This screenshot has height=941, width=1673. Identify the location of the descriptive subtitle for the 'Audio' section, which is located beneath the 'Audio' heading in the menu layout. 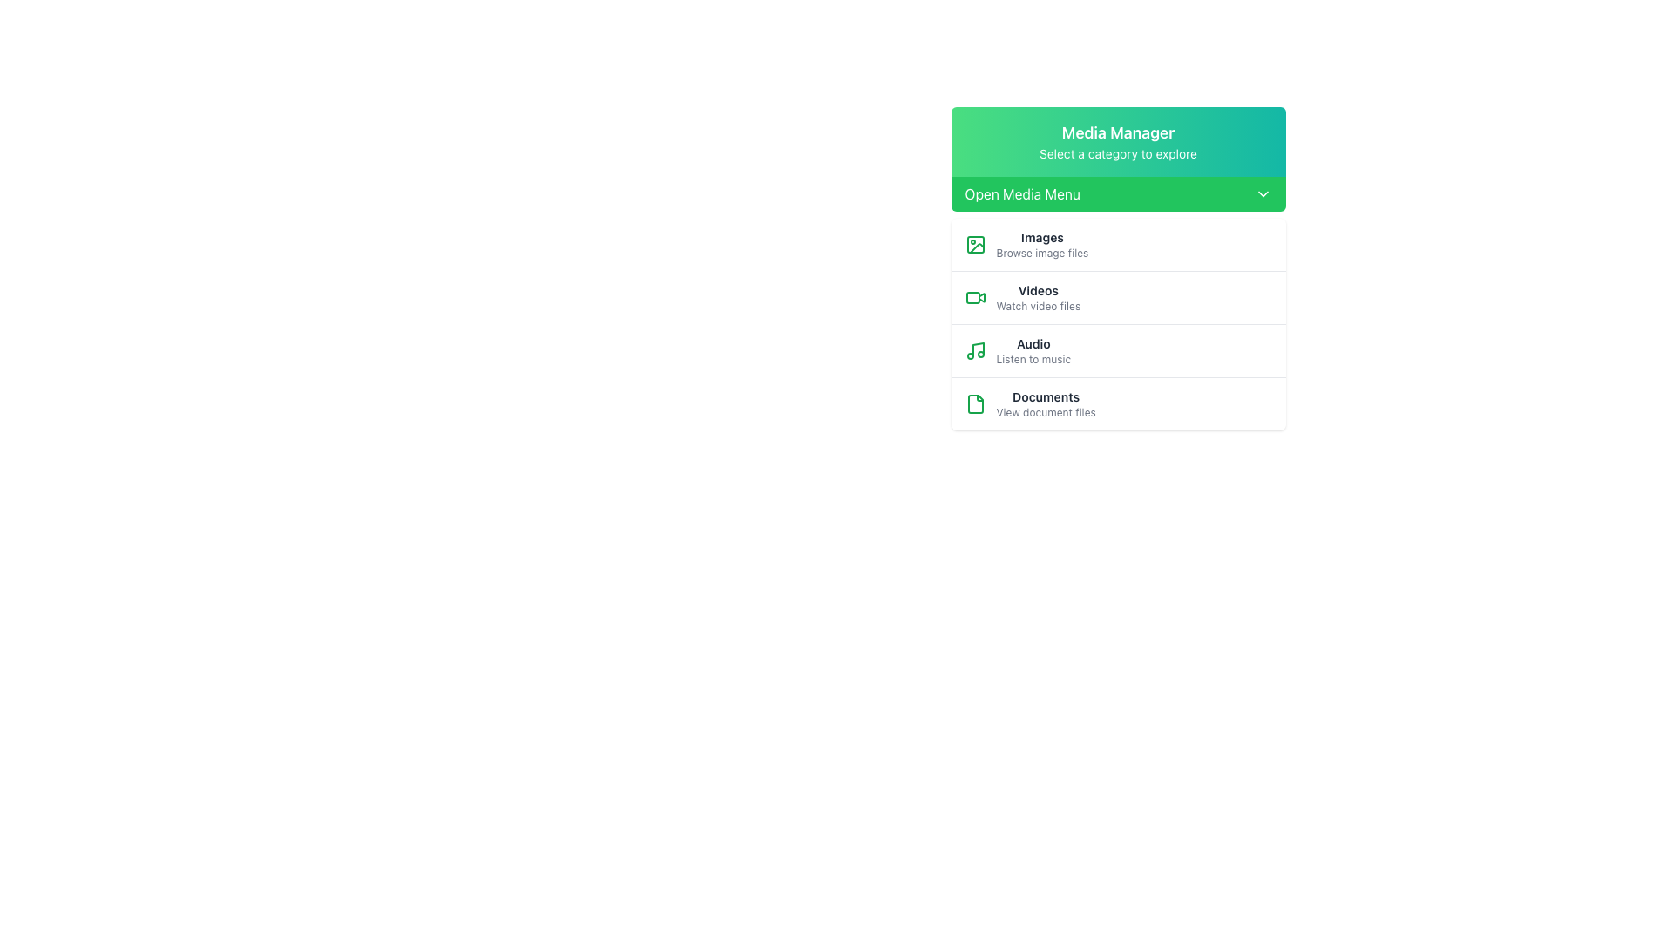
(1033, 358).